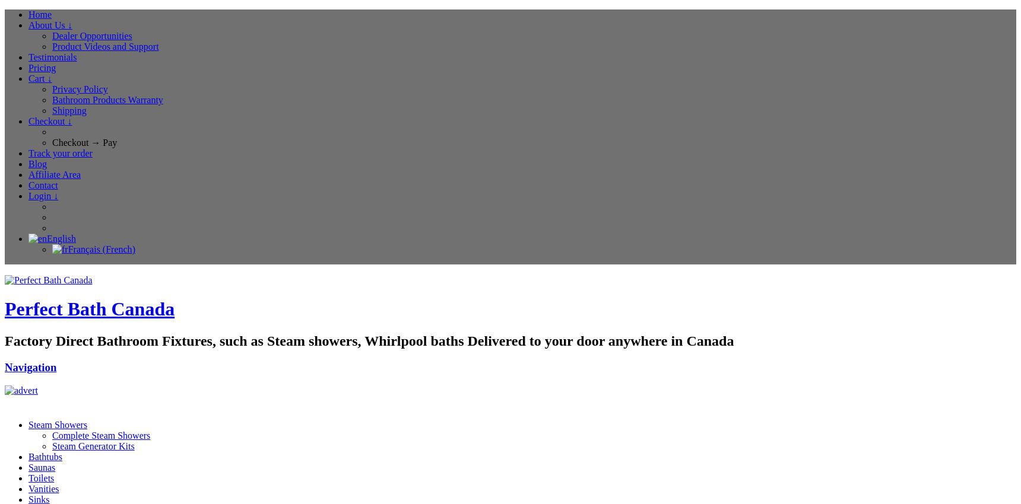 The width and height of the screenshot is (1021, 504). Describe the element at coordinates (118, 249) in the screenshot. I see `'French'` at that location.